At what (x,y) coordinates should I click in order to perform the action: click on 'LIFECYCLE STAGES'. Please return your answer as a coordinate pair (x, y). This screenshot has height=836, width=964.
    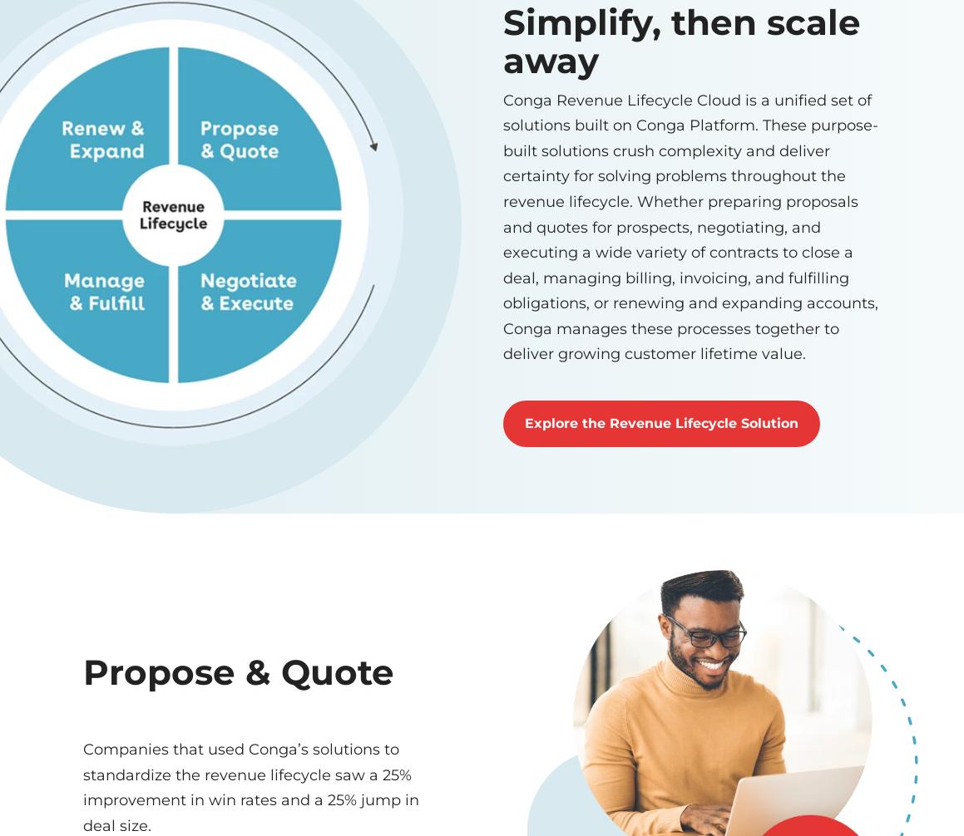
    Looking at the image, I should click on (83, 555).